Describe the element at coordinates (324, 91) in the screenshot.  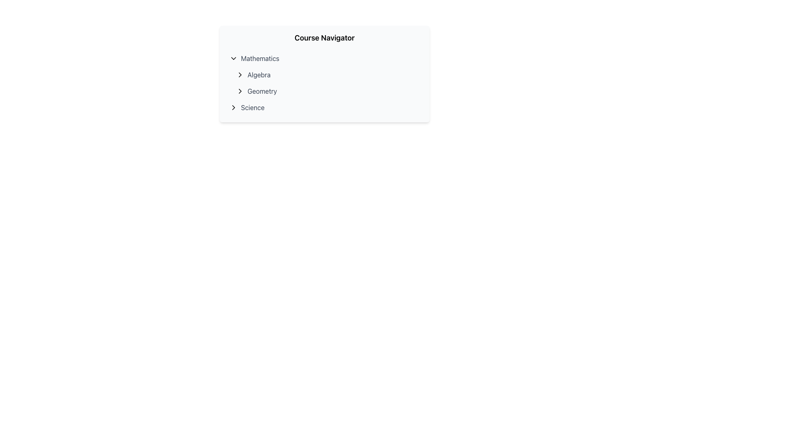
I see `the 'Geometry' list item` at that location.